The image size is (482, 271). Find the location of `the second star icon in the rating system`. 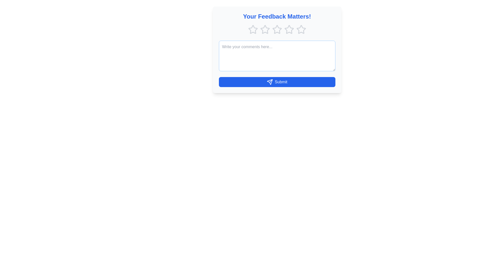

the second star icon in the rating system is located at coordinates (265, 29).